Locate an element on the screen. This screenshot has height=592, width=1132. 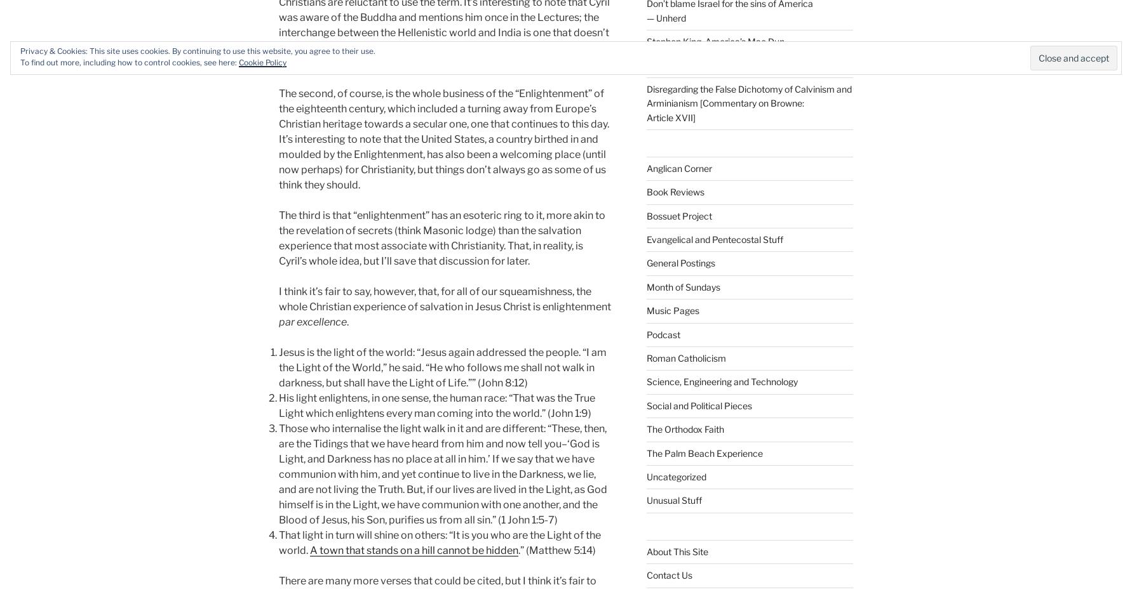
'Uncategorized' is located at coordinates (645, 476).